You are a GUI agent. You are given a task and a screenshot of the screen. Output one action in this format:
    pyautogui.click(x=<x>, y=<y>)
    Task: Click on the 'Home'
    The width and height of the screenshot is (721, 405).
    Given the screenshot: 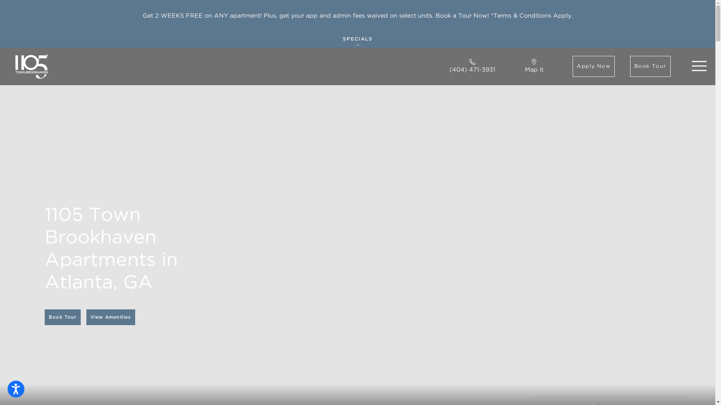 What is the action you would take?
    pyautogui.click(x=31, y=66)
    